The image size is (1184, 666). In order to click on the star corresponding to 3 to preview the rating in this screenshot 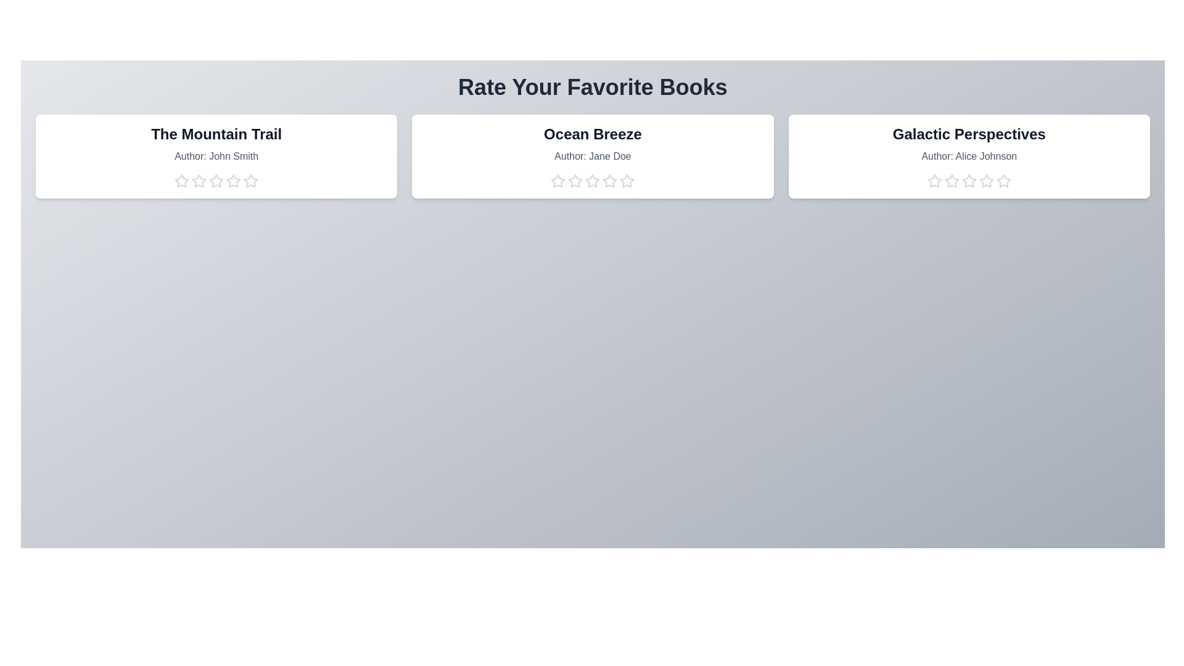, I will do `click(216, 181)`.